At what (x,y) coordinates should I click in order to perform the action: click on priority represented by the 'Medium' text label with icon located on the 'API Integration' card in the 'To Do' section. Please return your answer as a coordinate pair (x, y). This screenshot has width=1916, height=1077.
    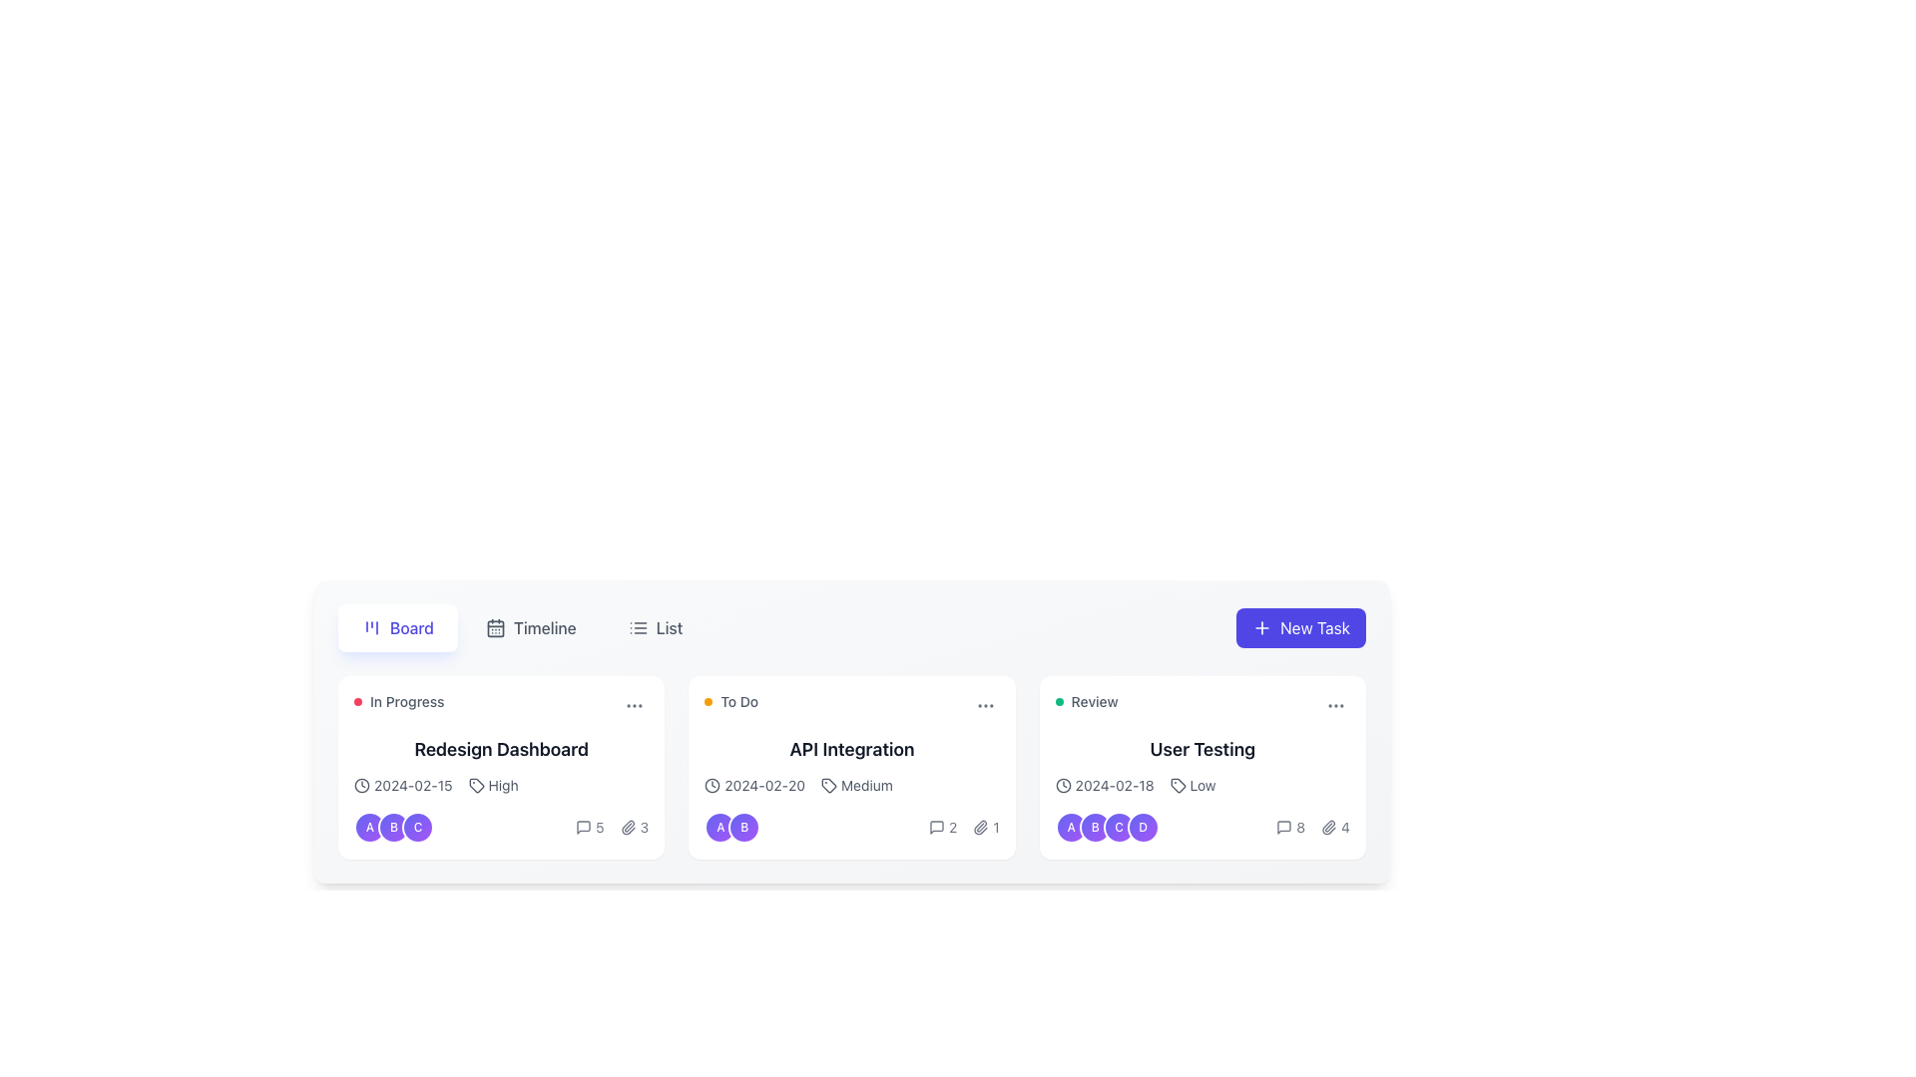
    Looking at the image, I should click on (857, 784).